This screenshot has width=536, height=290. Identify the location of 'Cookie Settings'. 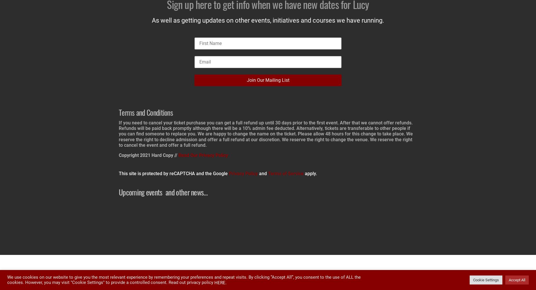
(486, 280).